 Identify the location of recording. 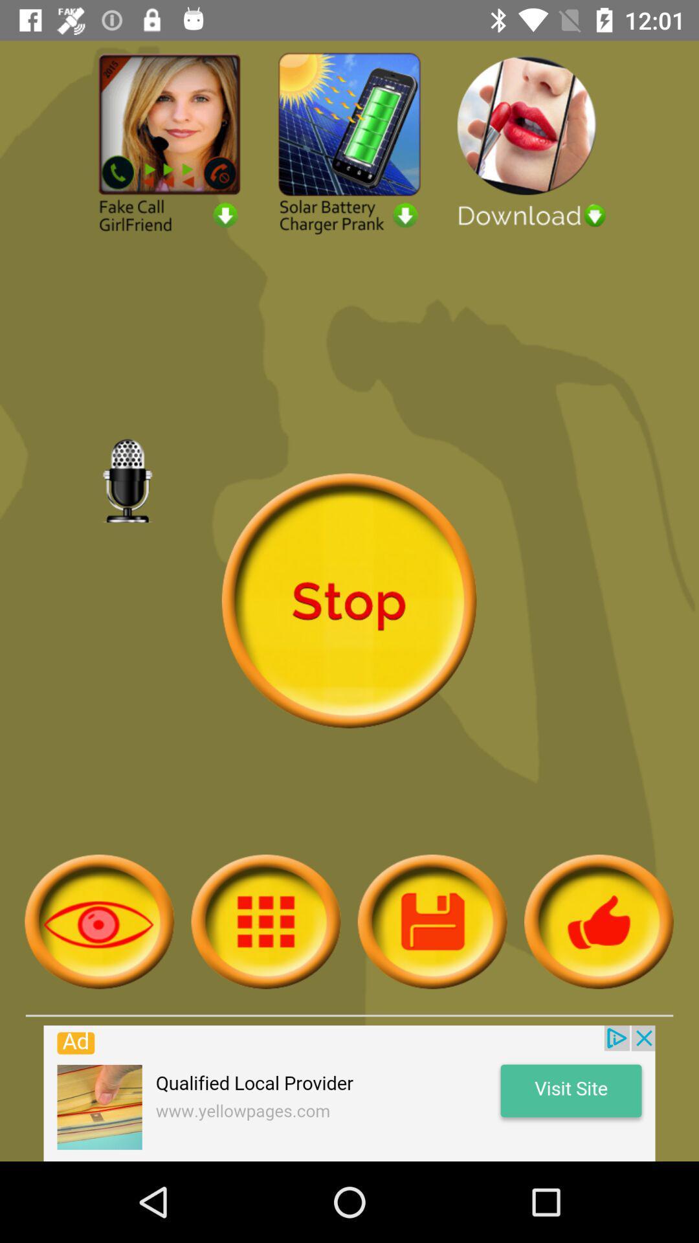
(432, 921).